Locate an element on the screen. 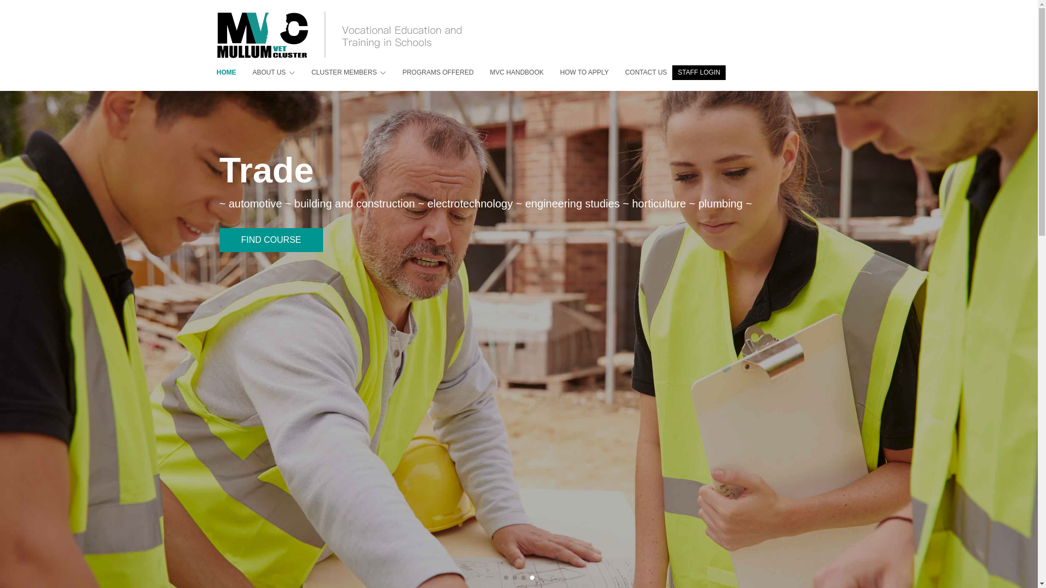 Image resolution: width=1046 pixels, height=588 pixels. 'ABOUT US' is located at coordinates (266, 72).